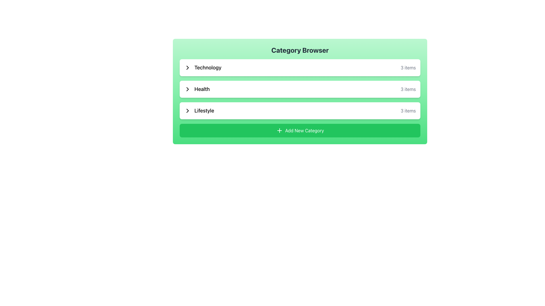 The width and height of the screenshot is (545, 306). Describe the element at coordinates (204, 110) in the screenshot. I see `the group associated with the 'Lifestyle' text label, which is the third item in the list of categories under 'Category Browser'` at that location.